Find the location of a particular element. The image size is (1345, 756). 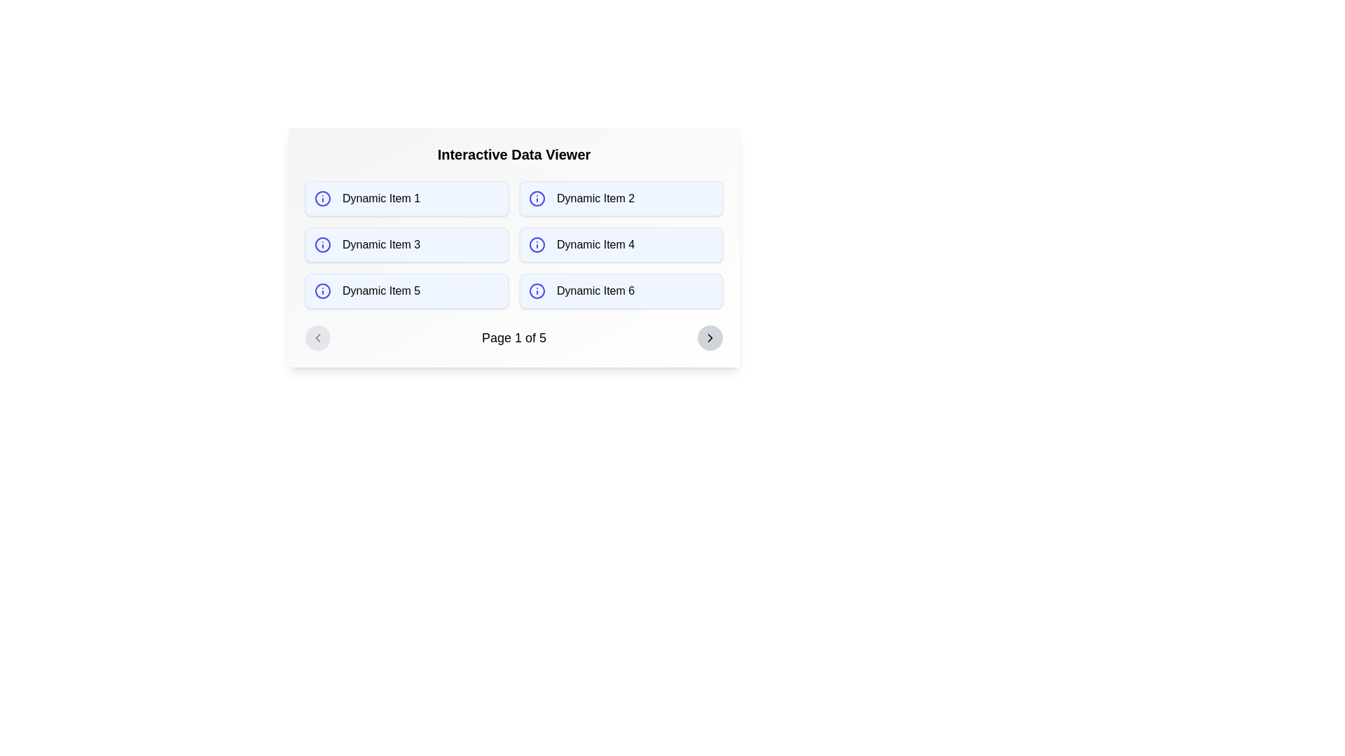

the right-pointing chevron icon inside the circular button located in the bottom-right corner of the interface to receive visual feedback is located at coordinates (710, 337).